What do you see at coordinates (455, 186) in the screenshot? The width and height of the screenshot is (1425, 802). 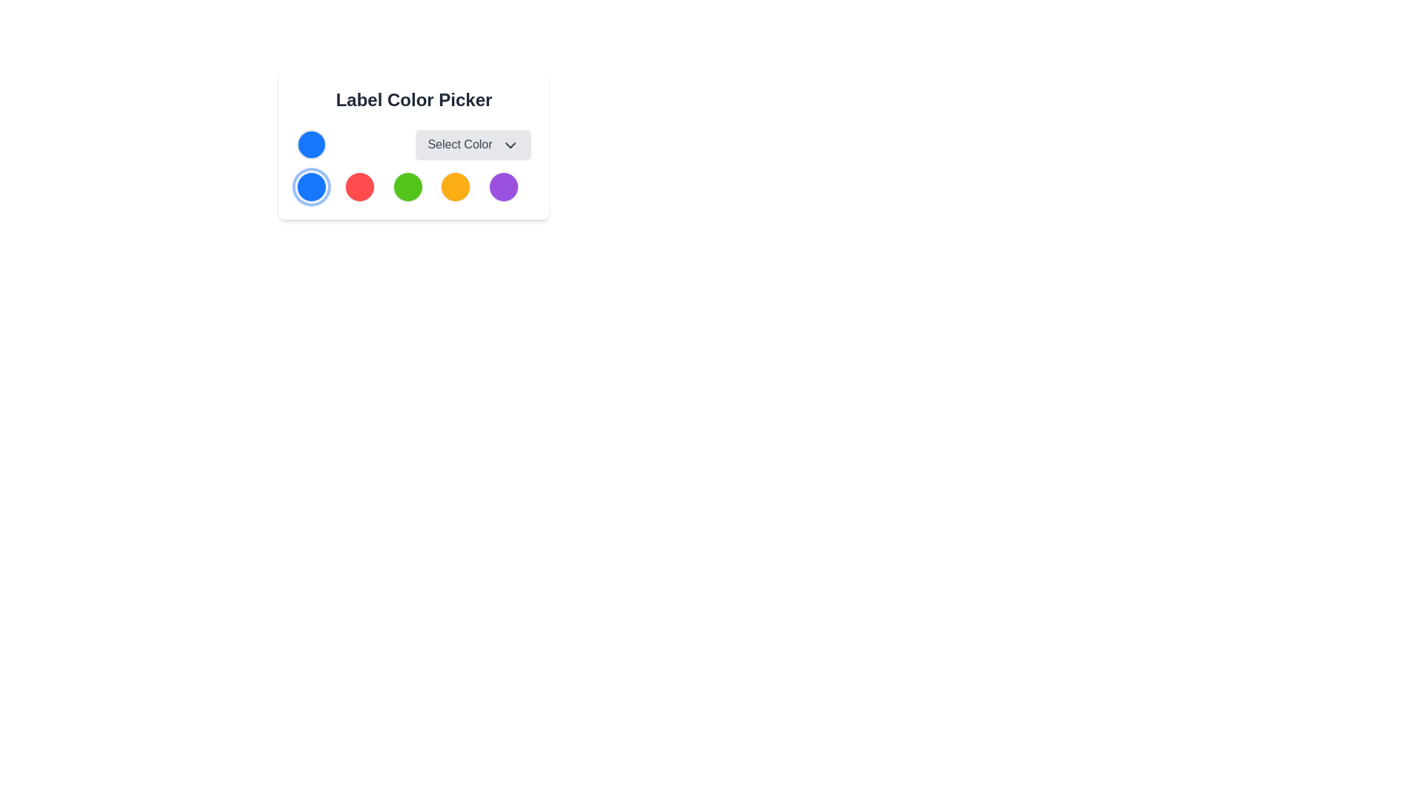 I see `the fourth circular color option button, which is an orange color circle with a diameter of 40 pixels` at bounding box center [455, 186].